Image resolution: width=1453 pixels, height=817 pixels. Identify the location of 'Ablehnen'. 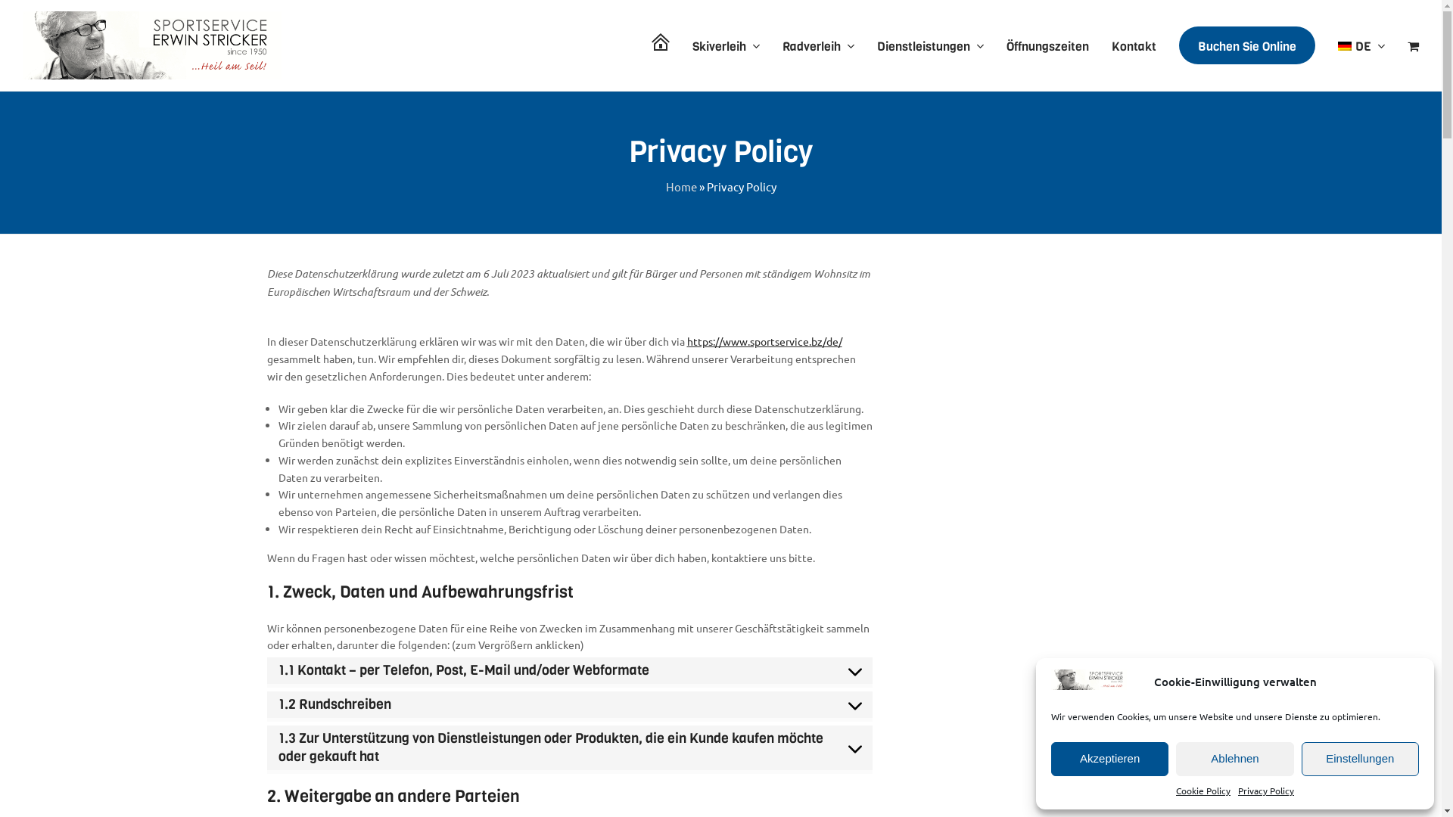
(1234, 758).